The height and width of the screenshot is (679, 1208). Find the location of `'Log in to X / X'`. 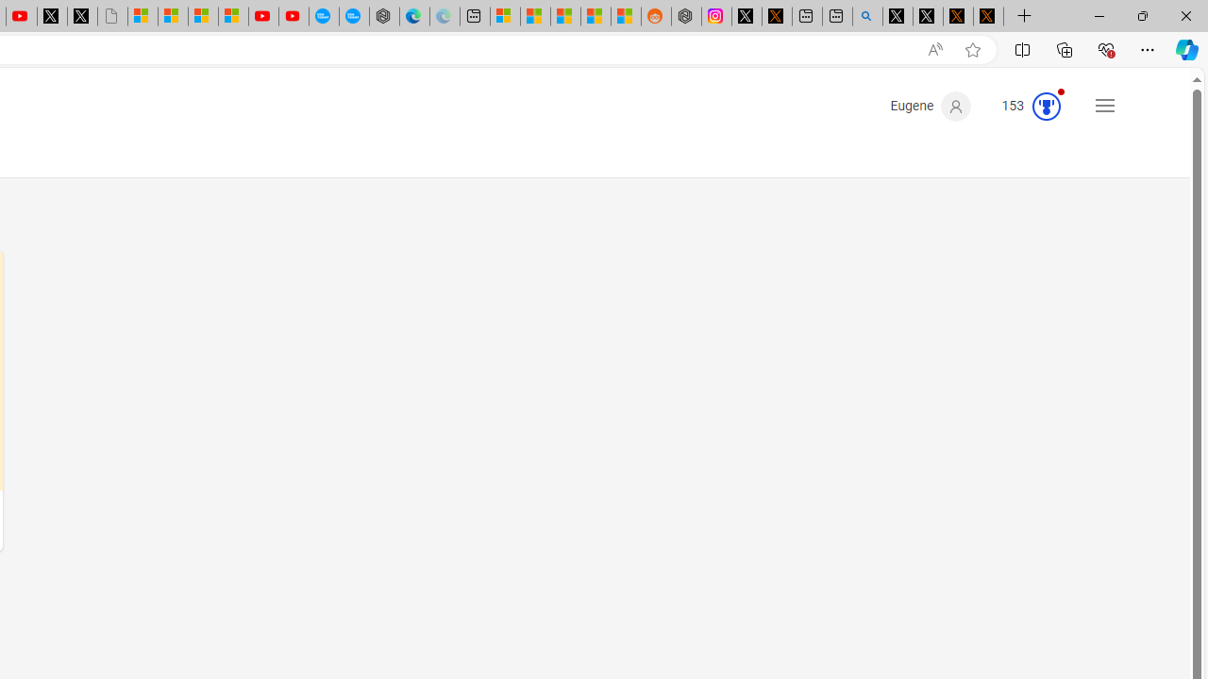

'Log in to X / X' is located at coordinates (746, 16).